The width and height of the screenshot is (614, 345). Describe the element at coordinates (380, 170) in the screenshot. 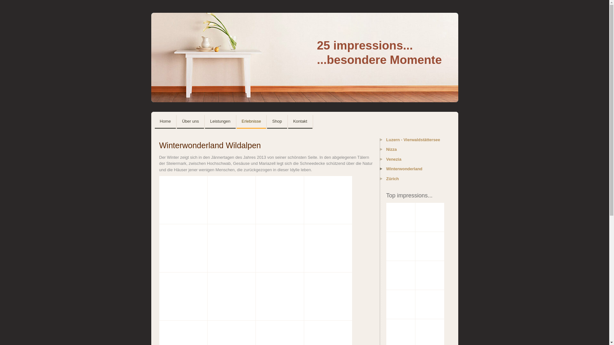

I see `'Winterwonderland'` at that location.